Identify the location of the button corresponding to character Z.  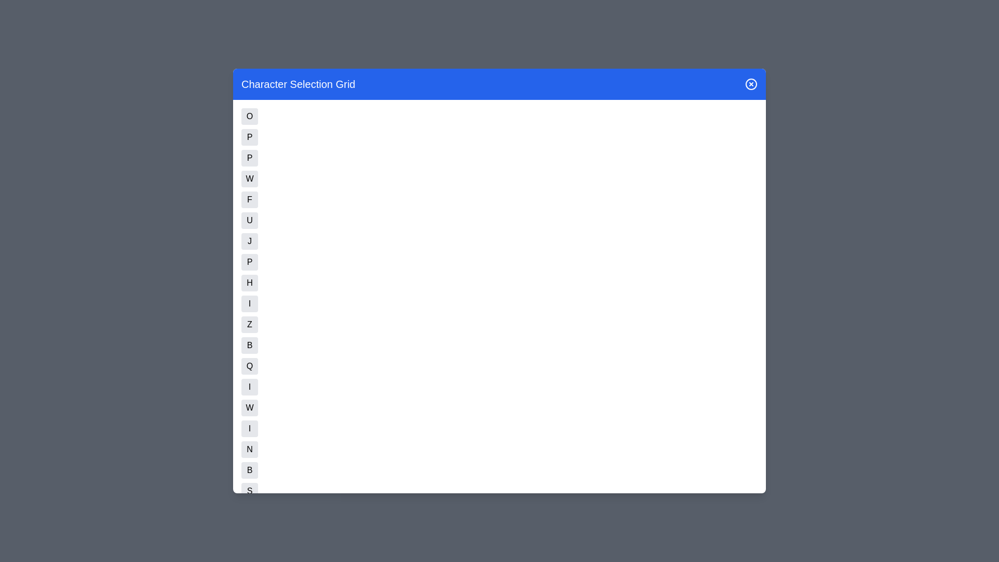
(250, 324).